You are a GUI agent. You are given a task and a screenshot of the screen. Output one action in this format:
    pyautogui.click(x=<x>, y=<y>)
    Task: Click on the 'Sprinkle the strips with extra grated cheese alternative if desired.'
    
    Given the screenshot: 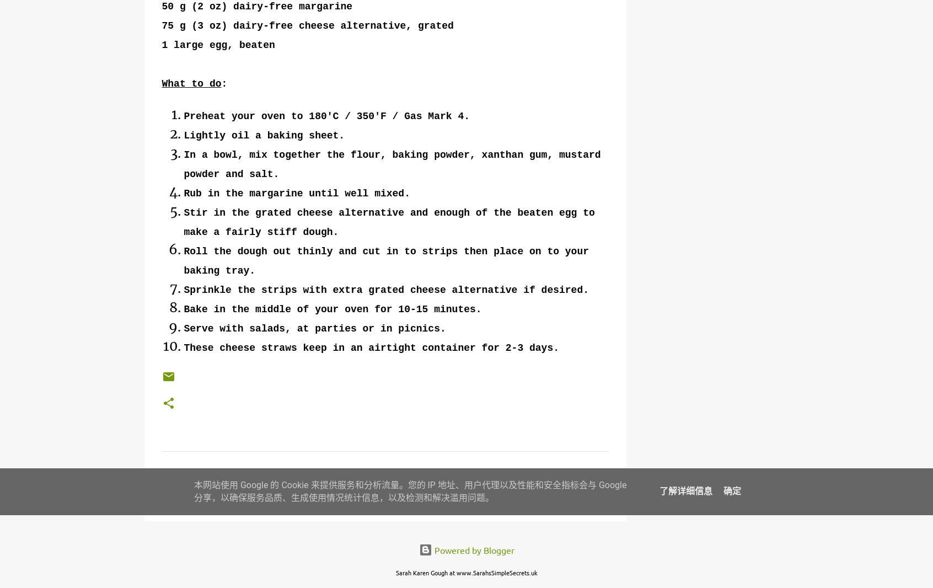 What is the action you would take?
    pyautogui.click(x=386, y=290)
    